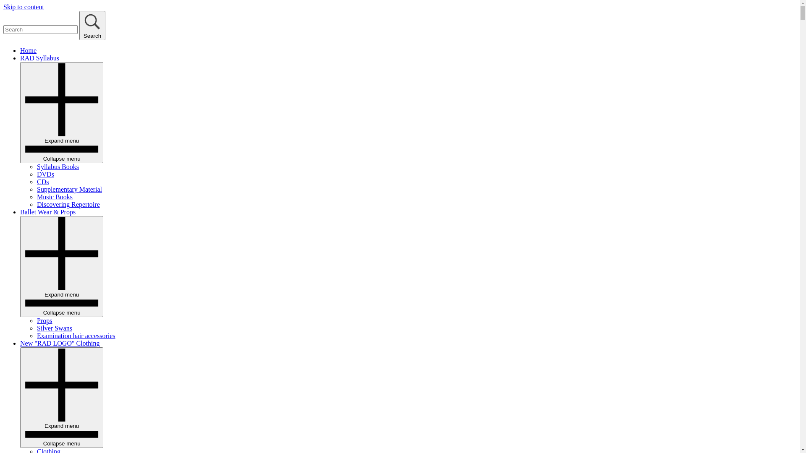 This screenshot has height=453, width=806. Describe the element at coordinates (44, 320) in the screenshot. I see `'Props'` at that location.